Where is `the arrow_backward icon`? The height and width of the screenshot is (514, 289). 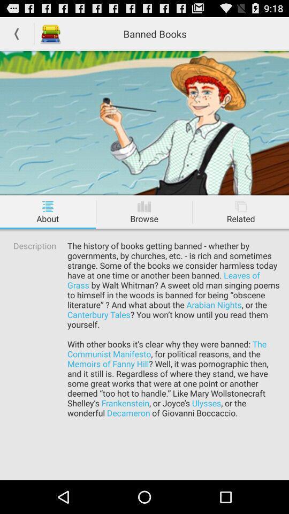
the arrow_backward icon is located at coordinates (16, 36).